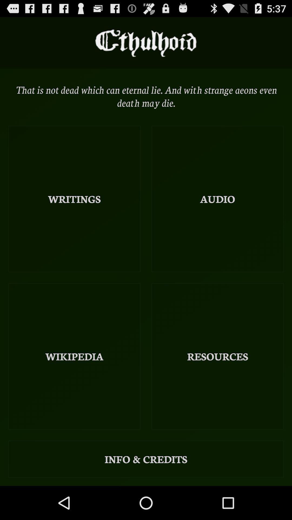 Image resolution: width=292 pixels, height=520 pixels. Describe the element at coordinates (74, 356) in the screenshot. I see `wikipedia item` at that location.